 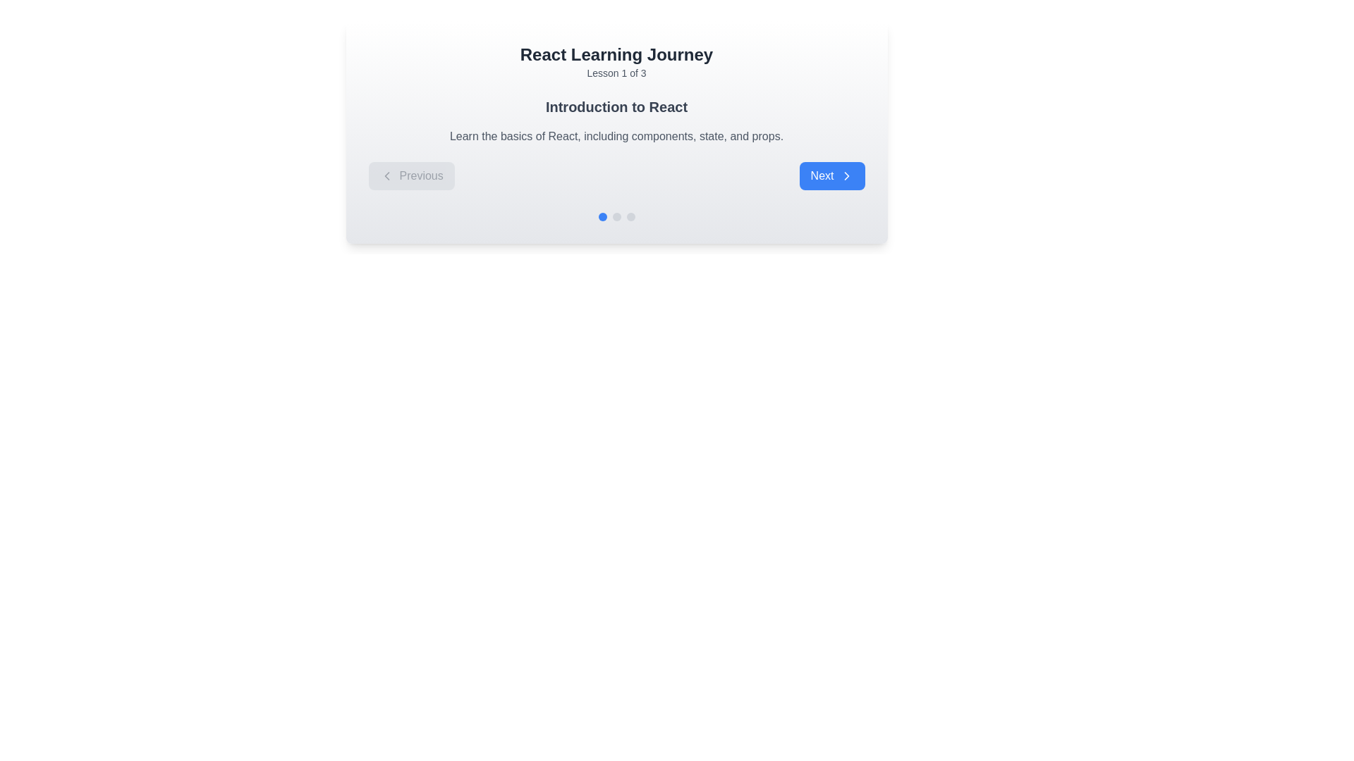 What do you see at coordinates (616, 73) in the screenshot?
I see `the text label reading 'Lesson 1 of 3', which is a smaller light gray font located centrally beneath the bold heading 'React Learning Journey'` at bounding box center [616, 73].